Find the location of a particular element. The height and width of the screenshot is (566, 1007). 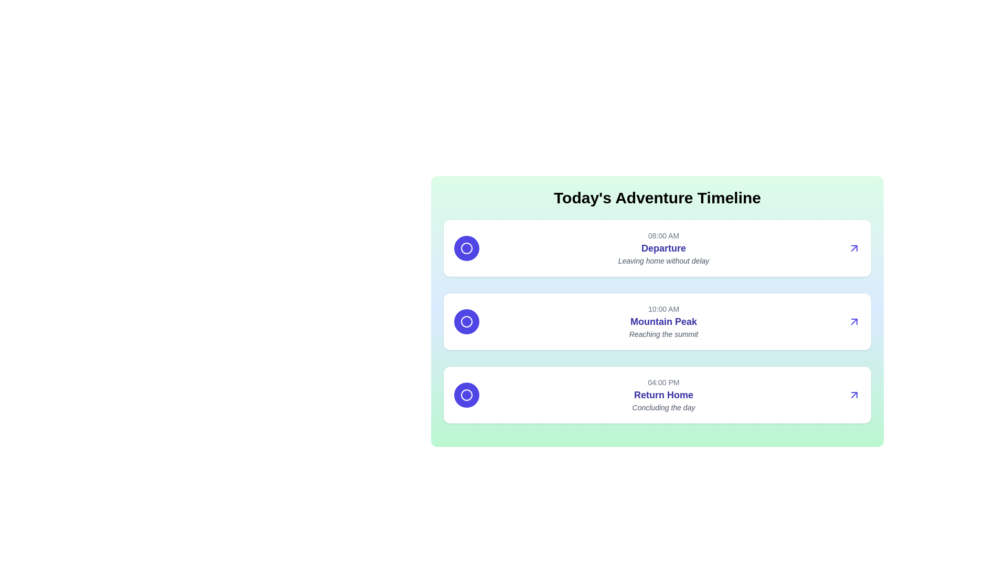

the leftmost icon in the timeline corresponding to the 'Return Home' event is located at coordinates (466, 395).